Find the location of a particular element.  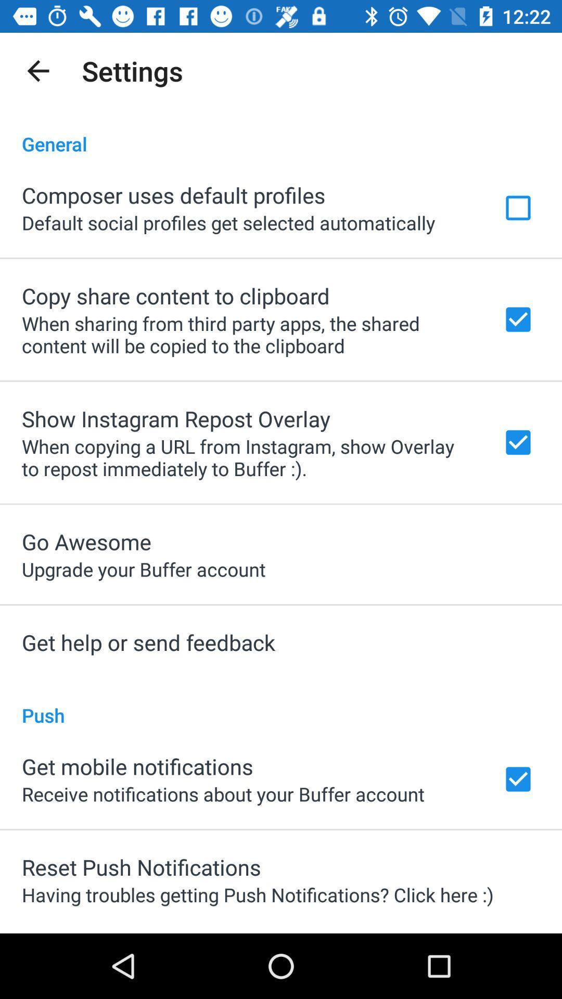

icon below the get mobile notifications item is located at coordinates (222, 793).